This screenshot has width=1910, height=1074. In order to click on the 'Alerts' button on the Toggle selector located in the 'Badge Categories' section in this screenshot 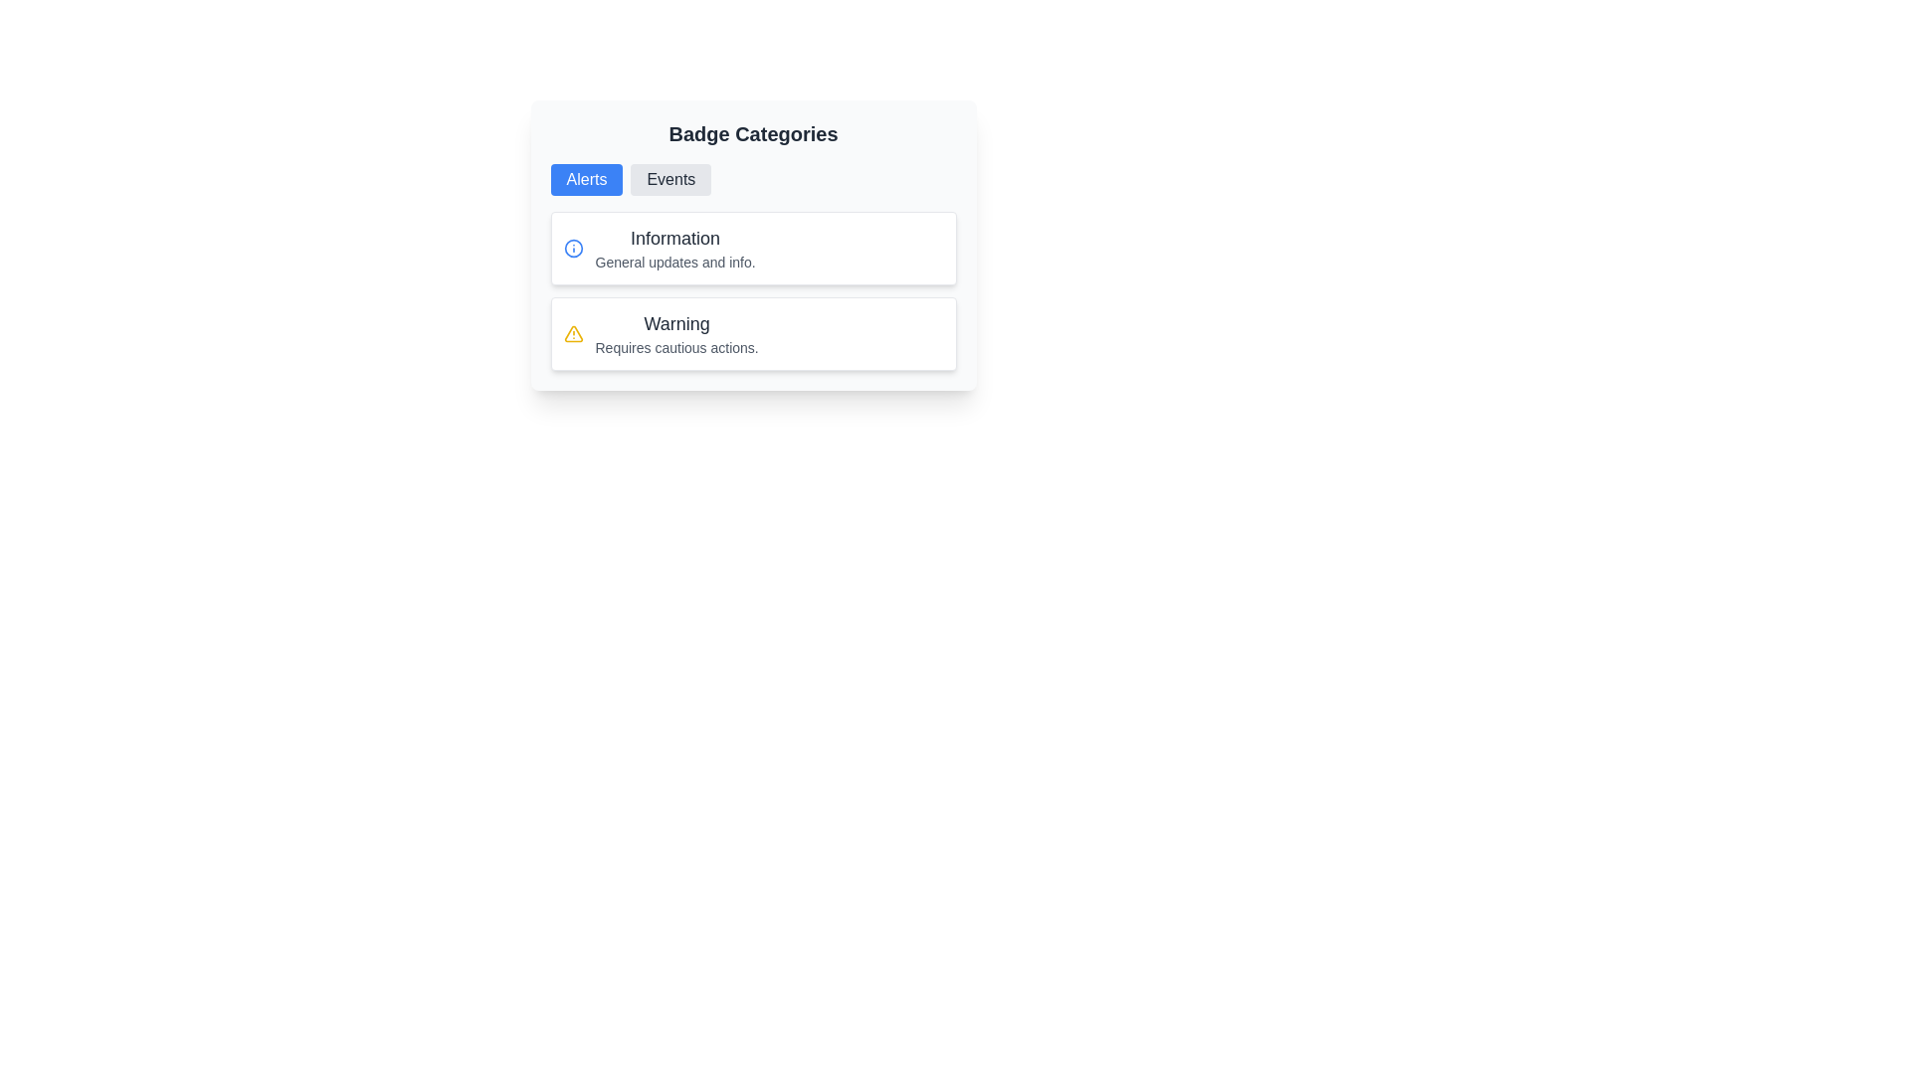, I will do `click(752, 180)`.